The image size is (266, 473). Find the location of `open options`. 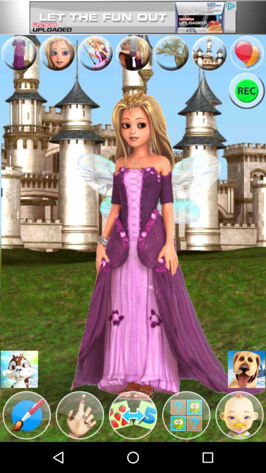

open options is located at coordinates (133, 53).